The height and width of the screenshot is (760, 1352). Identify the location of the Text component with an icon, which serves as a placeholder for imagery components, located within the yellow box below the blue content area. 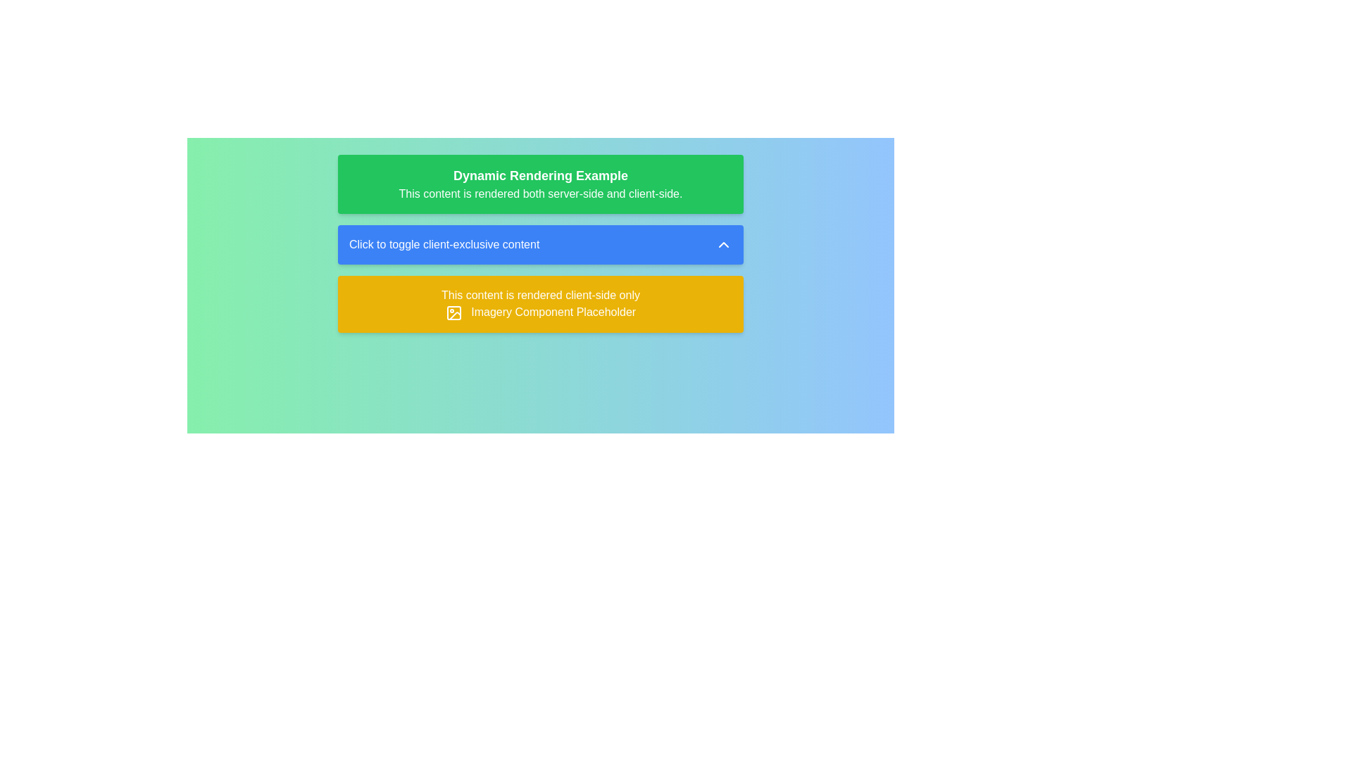
(540, 311).